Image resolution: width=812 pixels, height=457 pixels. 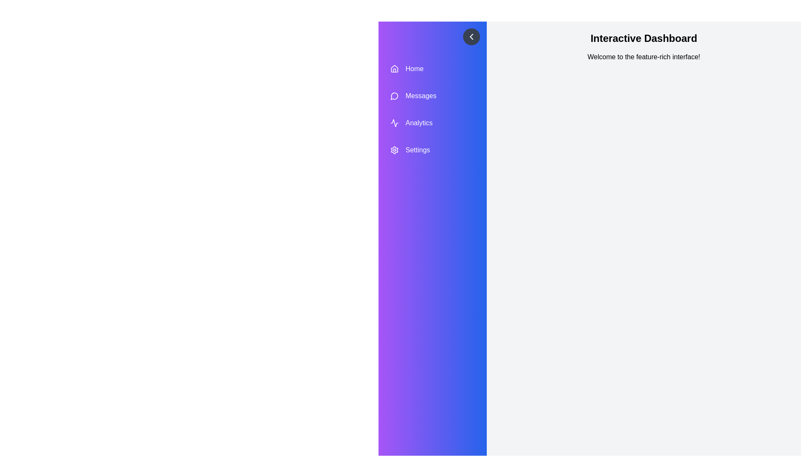 I want to click on the menu item Analytics to highlight it visually, so click(x=432, y=123).